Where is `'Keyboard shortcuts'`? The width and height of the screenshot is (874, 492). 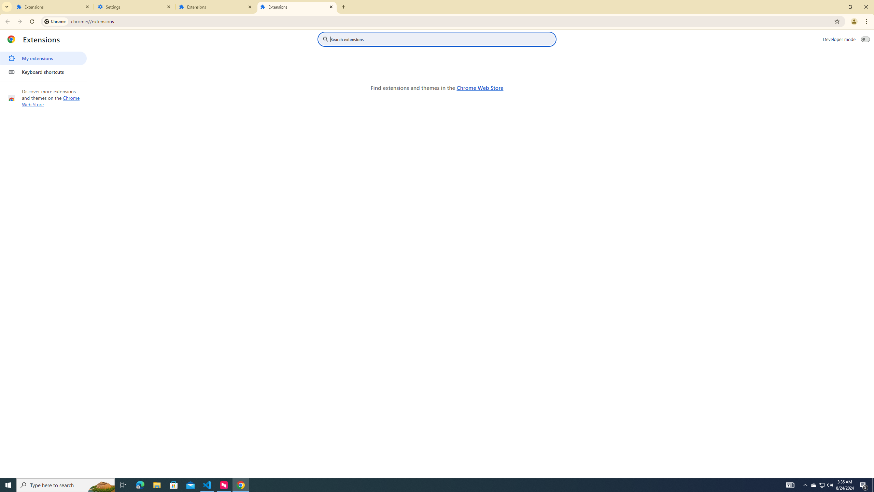 'Keyboard shortcuts' is located at coordinates (43, 72).